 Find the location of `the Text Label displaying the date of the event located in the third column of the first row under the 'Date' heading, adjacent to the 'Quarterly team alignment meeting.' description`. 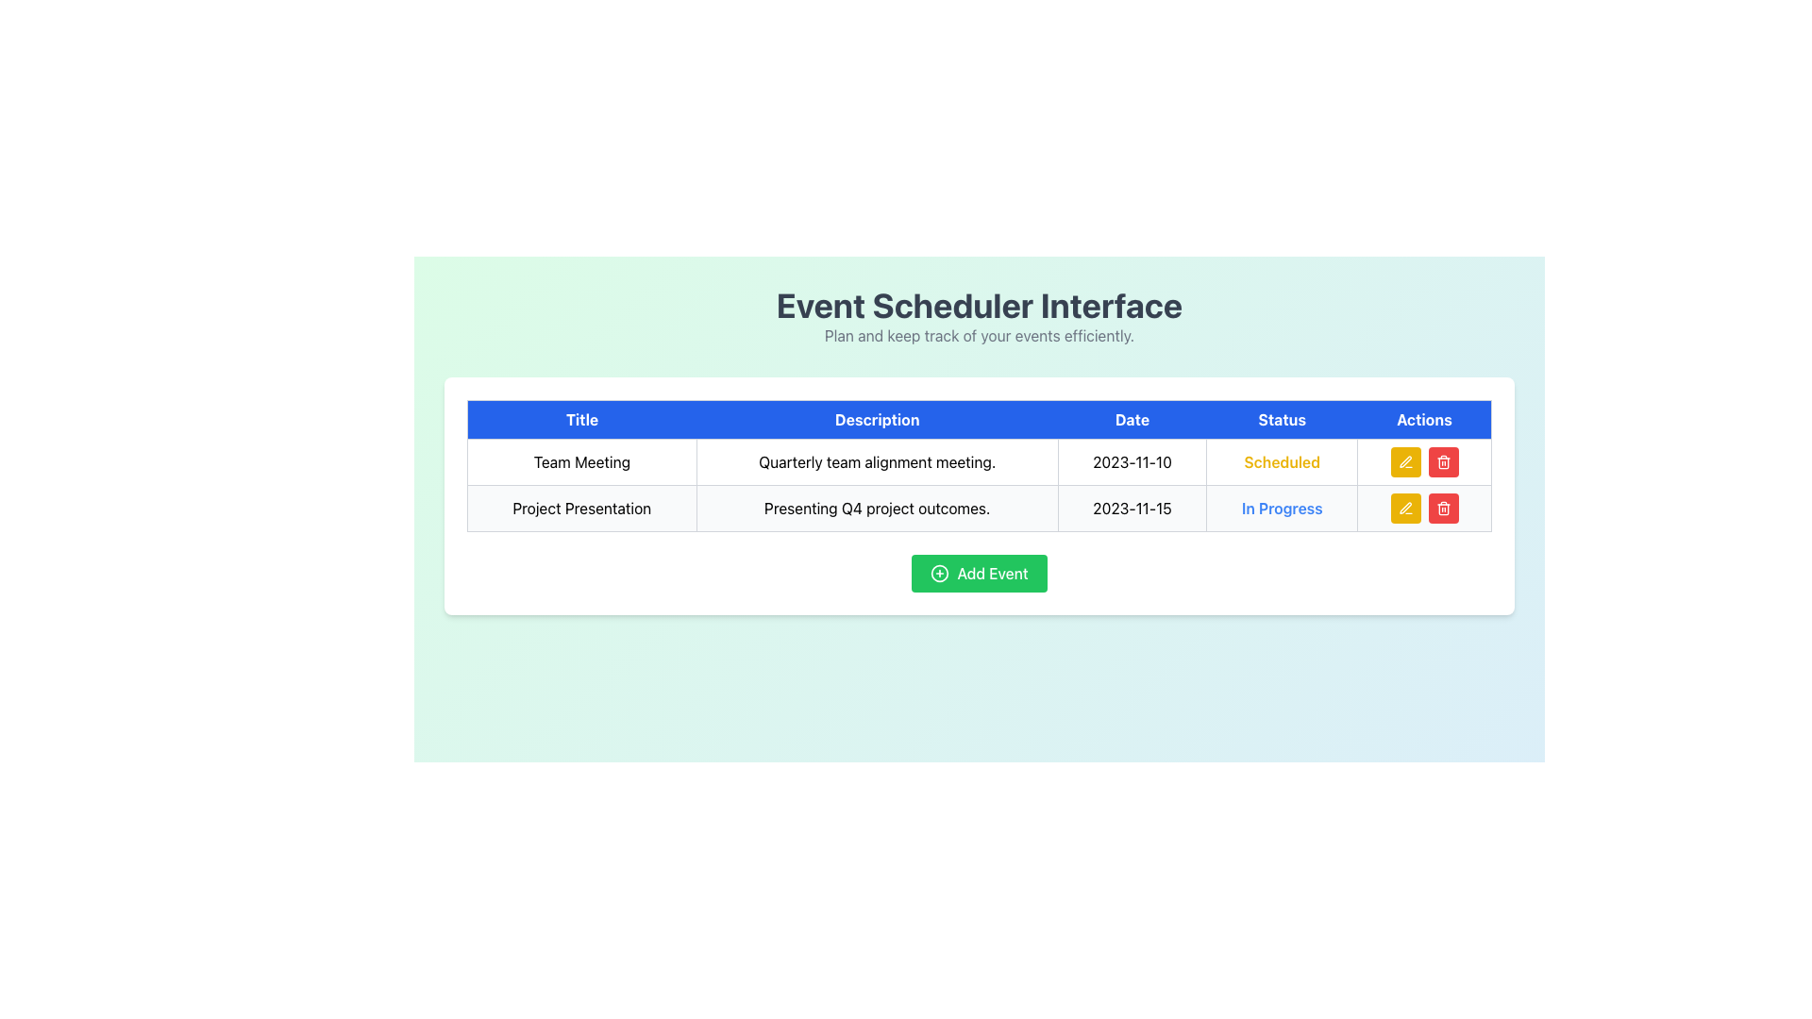

the Text Label displaying the date of the event located in the third column of the first row under the 'Date' heading, adjacent to the 'Quarterly team alignment meeting.' description is located at coordinates (1132, 461).